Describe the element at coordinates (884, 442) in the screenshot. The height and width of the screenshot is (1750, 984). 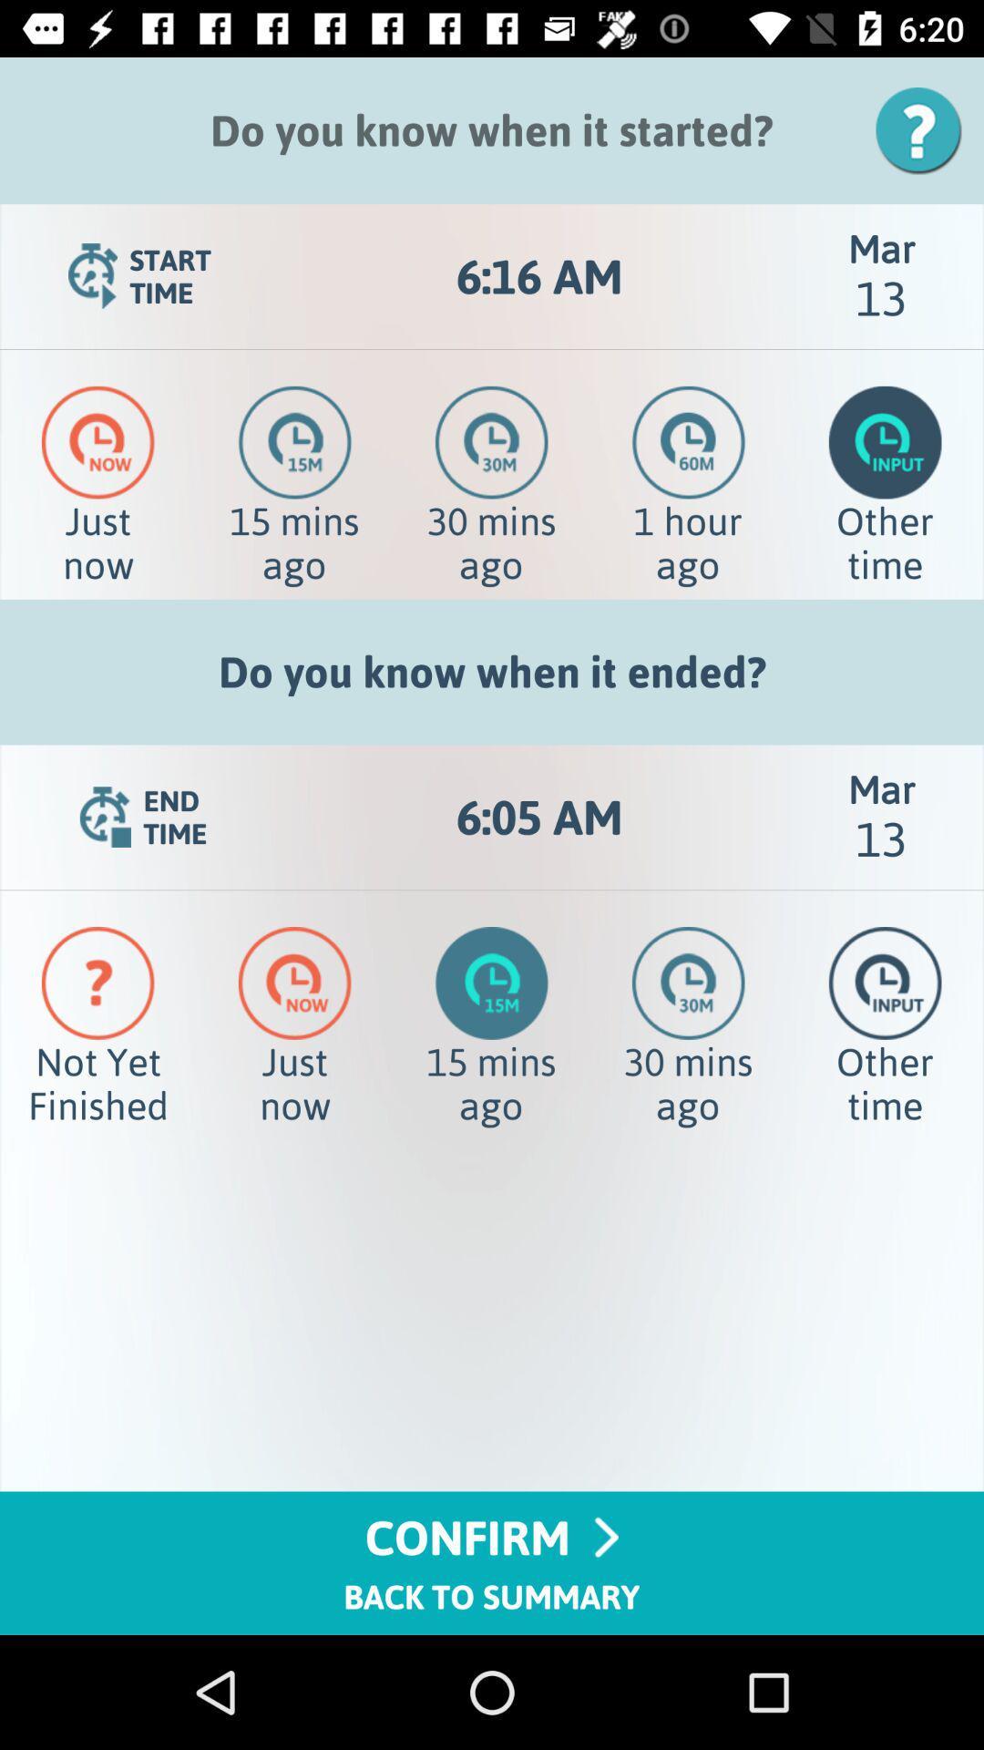
I see `the time icon` at that location.